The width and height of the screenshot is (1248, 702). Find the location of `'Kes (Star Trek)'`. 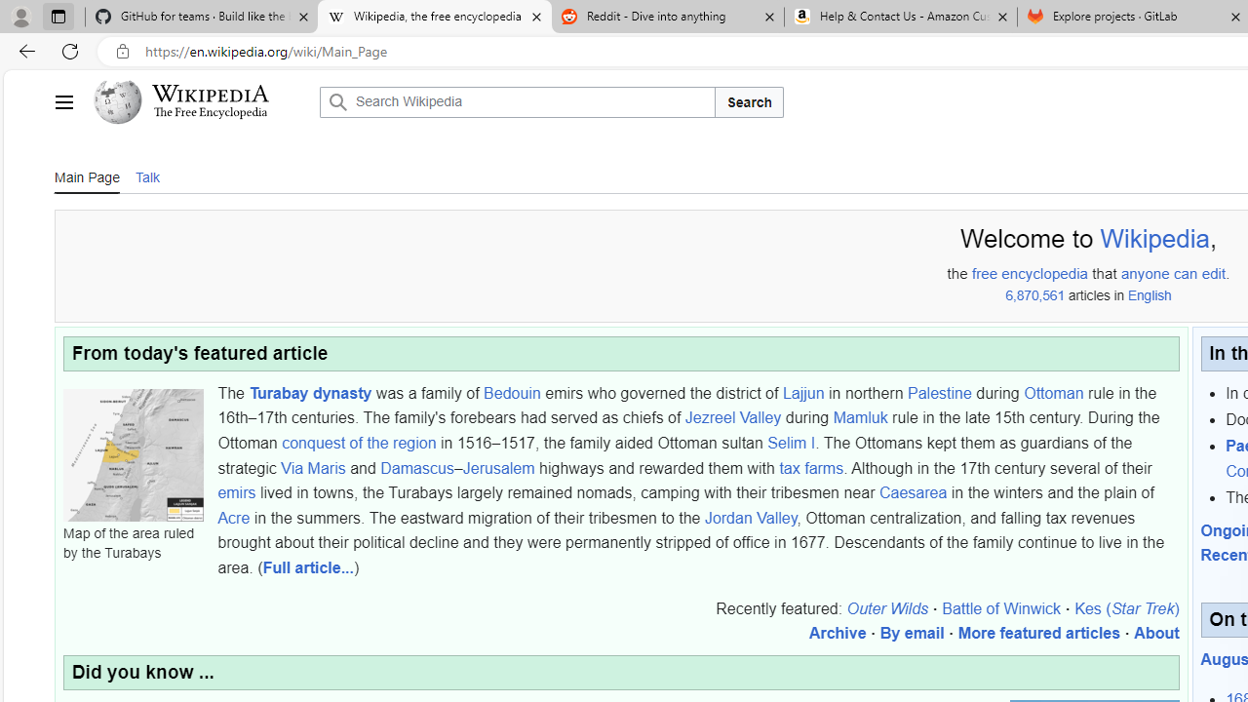

'Kes (Star Trek)' is located at coordinates (1126, 606).